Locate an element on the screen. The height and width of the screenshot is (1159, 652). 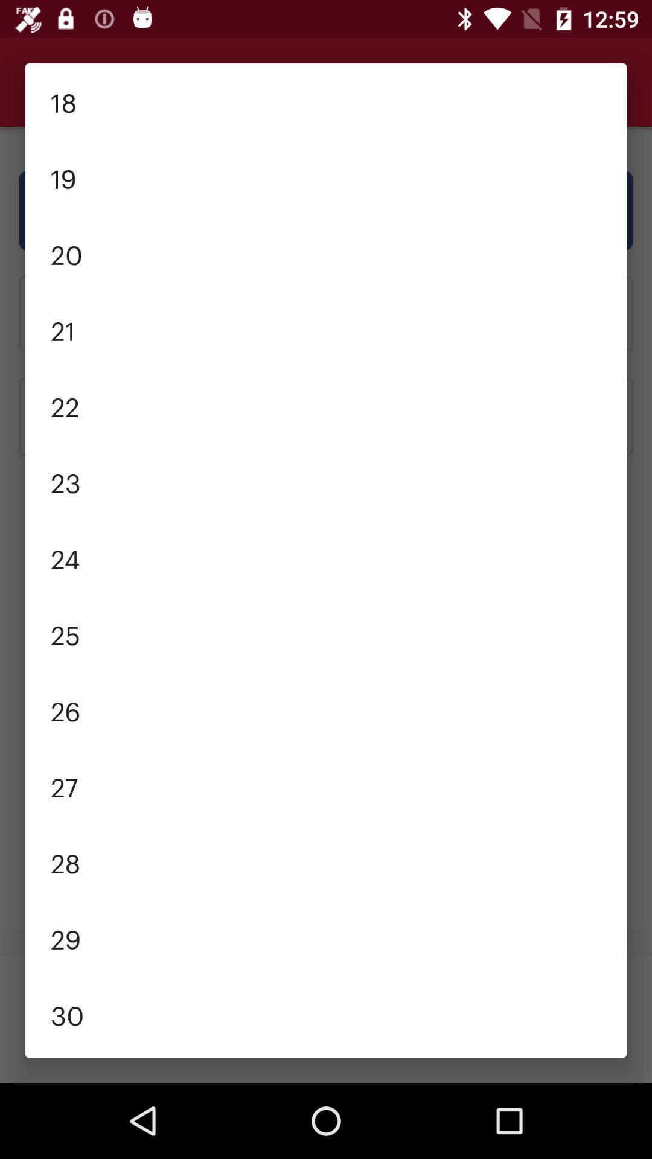
item above the 31 icon is located at coordinates (326, 1014).